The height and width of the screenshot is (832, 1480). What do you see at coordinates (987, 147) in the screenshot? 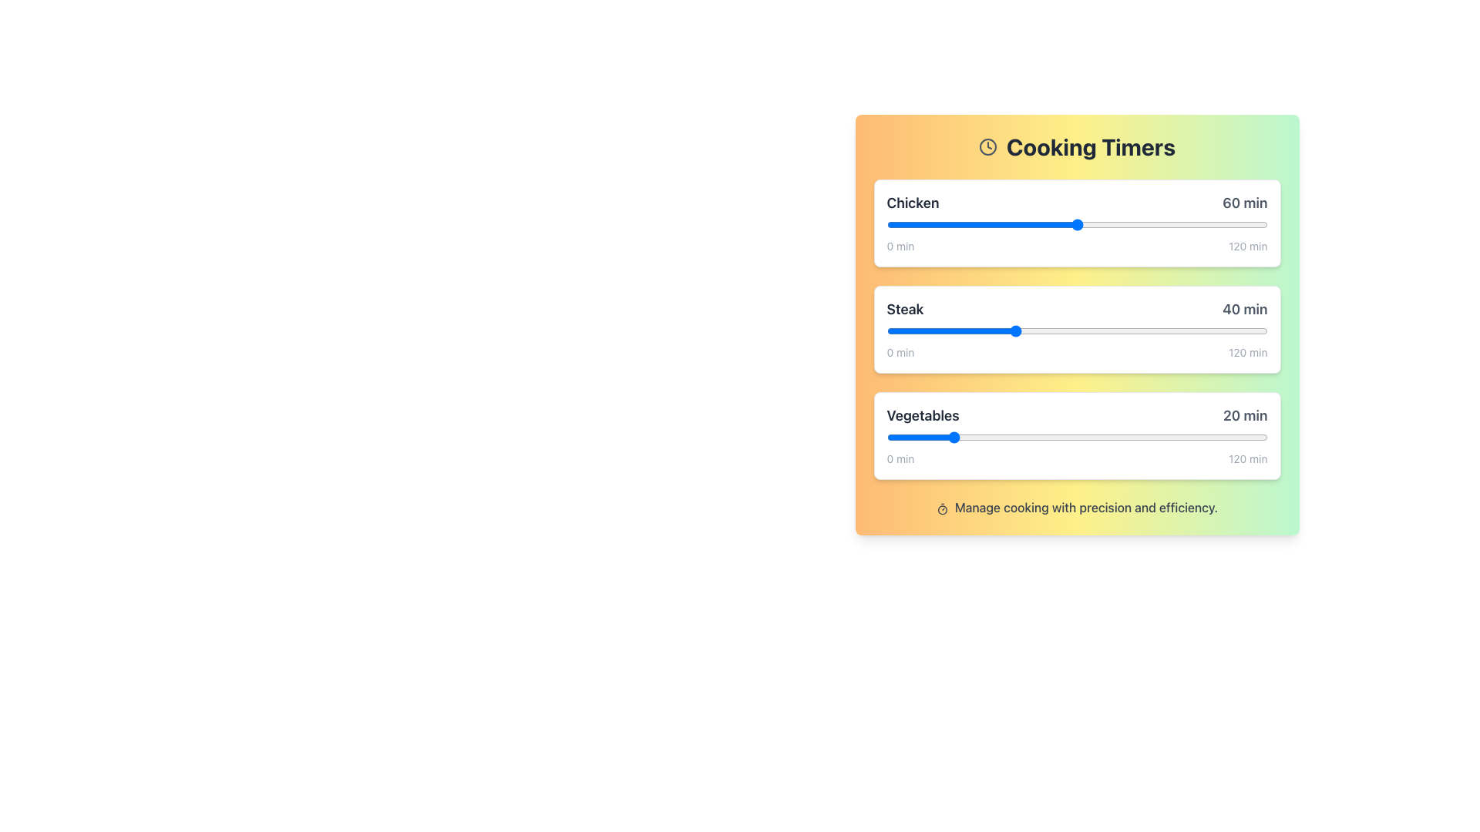
I see `the clock icon located to the left of the 'Cooking Timers' text in the top left area of the module` at bounding box center [987, 147].